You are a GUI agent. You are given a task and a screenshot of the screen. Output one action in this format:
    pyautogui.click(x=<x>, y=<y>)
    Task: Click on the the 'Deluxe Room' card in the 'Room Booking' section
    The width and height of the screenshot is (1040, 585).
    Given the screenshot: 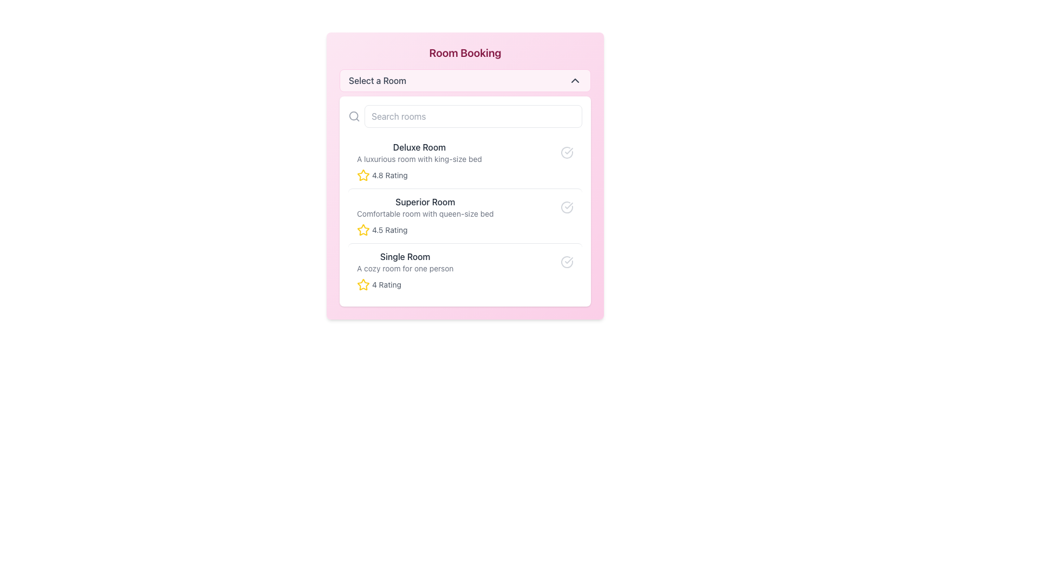 What is the action you would take?
    pyautogui.click(x=465, y=161)
    